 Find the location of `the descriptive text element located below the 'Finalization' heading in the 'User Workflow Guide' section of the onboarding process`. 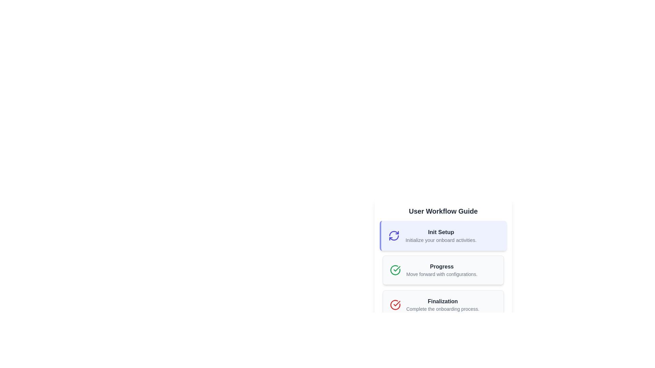

the descriptive text element located below the 'Finalization' heading in the 'User Workflow Guide' section of the onboarding process is located at coordinates (443, 309).